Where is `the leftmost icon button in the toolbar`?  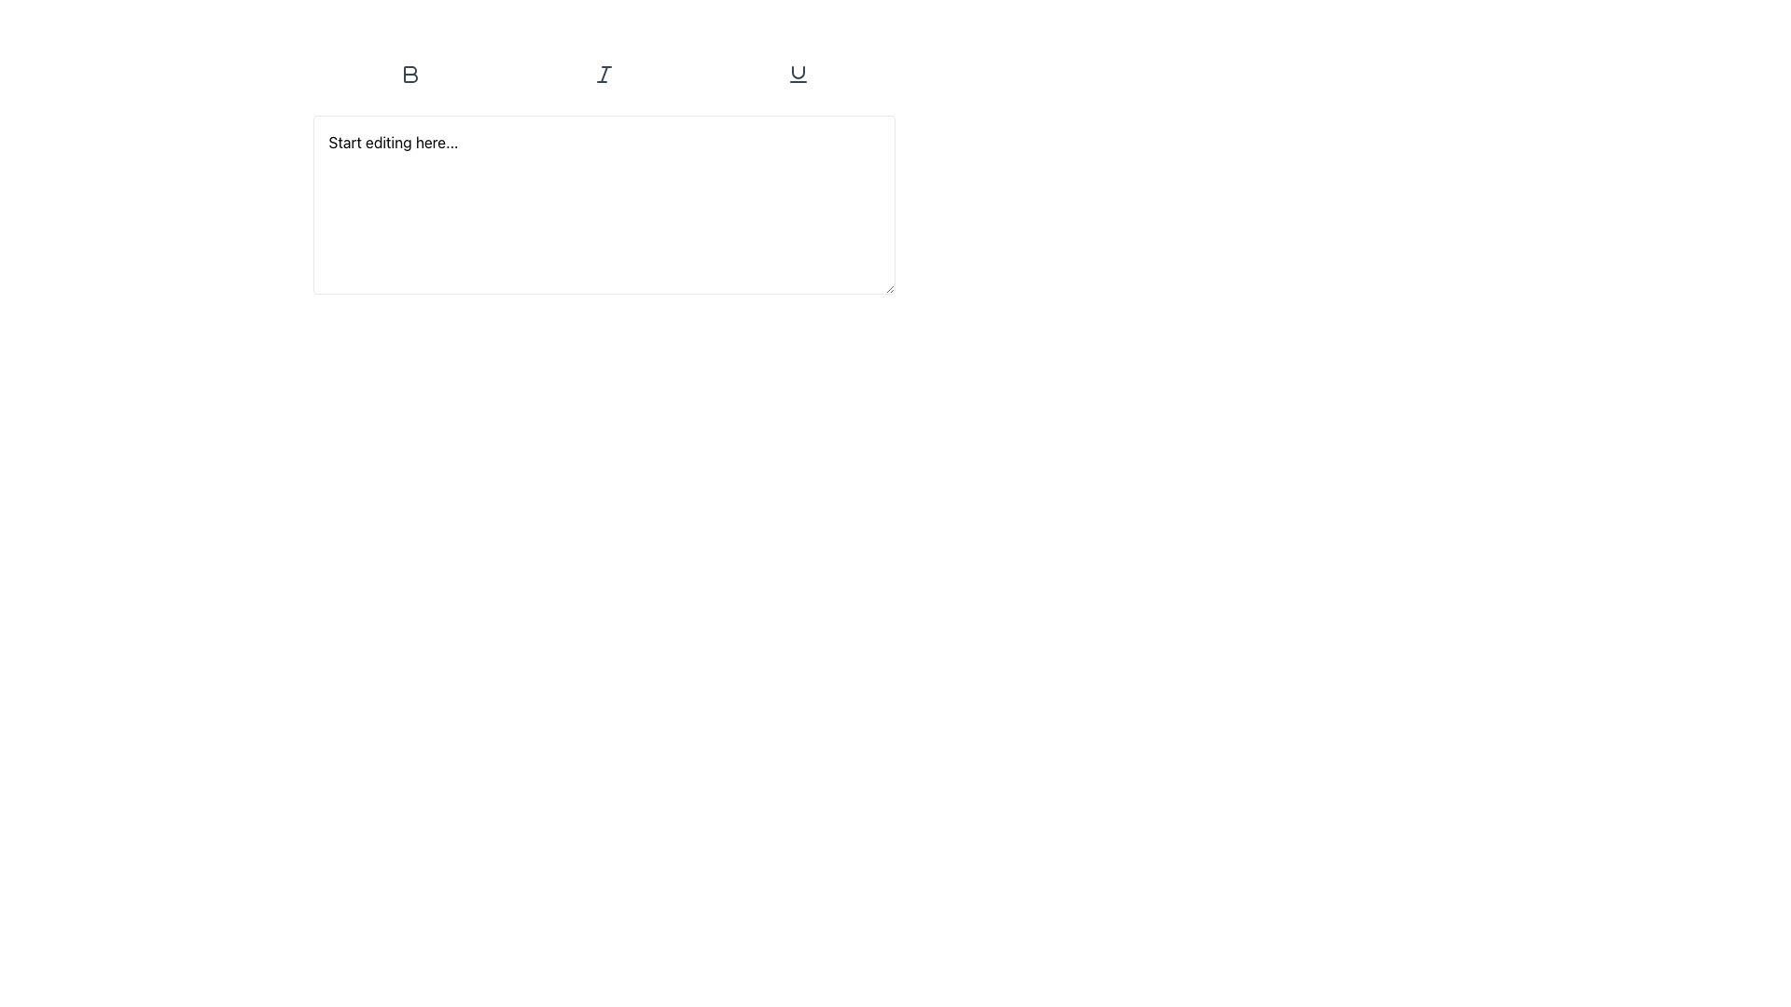
the leftmost icon button in the toolbar is located at coordinates (410, 74).